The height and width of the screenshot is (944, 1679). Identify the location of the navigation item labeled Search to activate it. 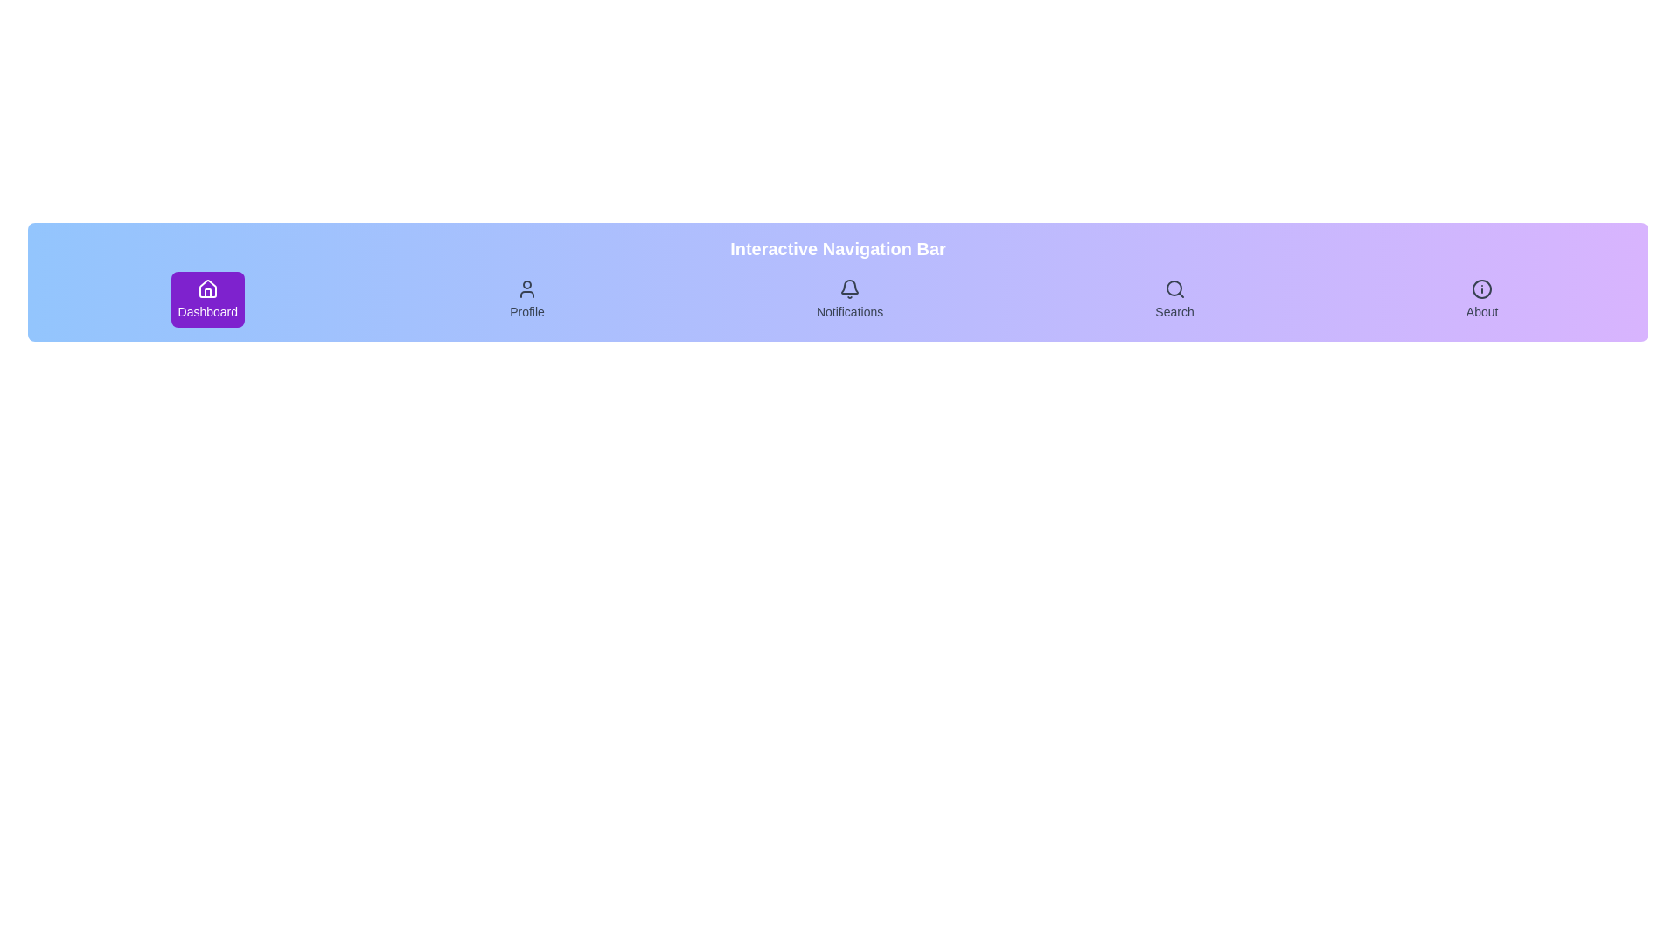
(1174, 299).